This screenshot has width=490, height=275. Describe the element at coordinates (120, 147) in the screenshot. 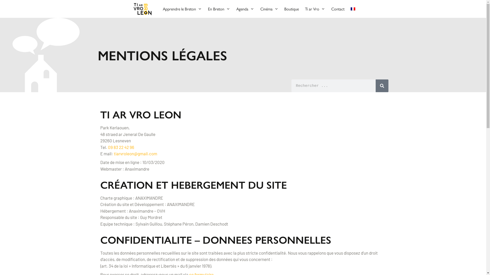

I see `'09 83 22 42 96'` at that location.